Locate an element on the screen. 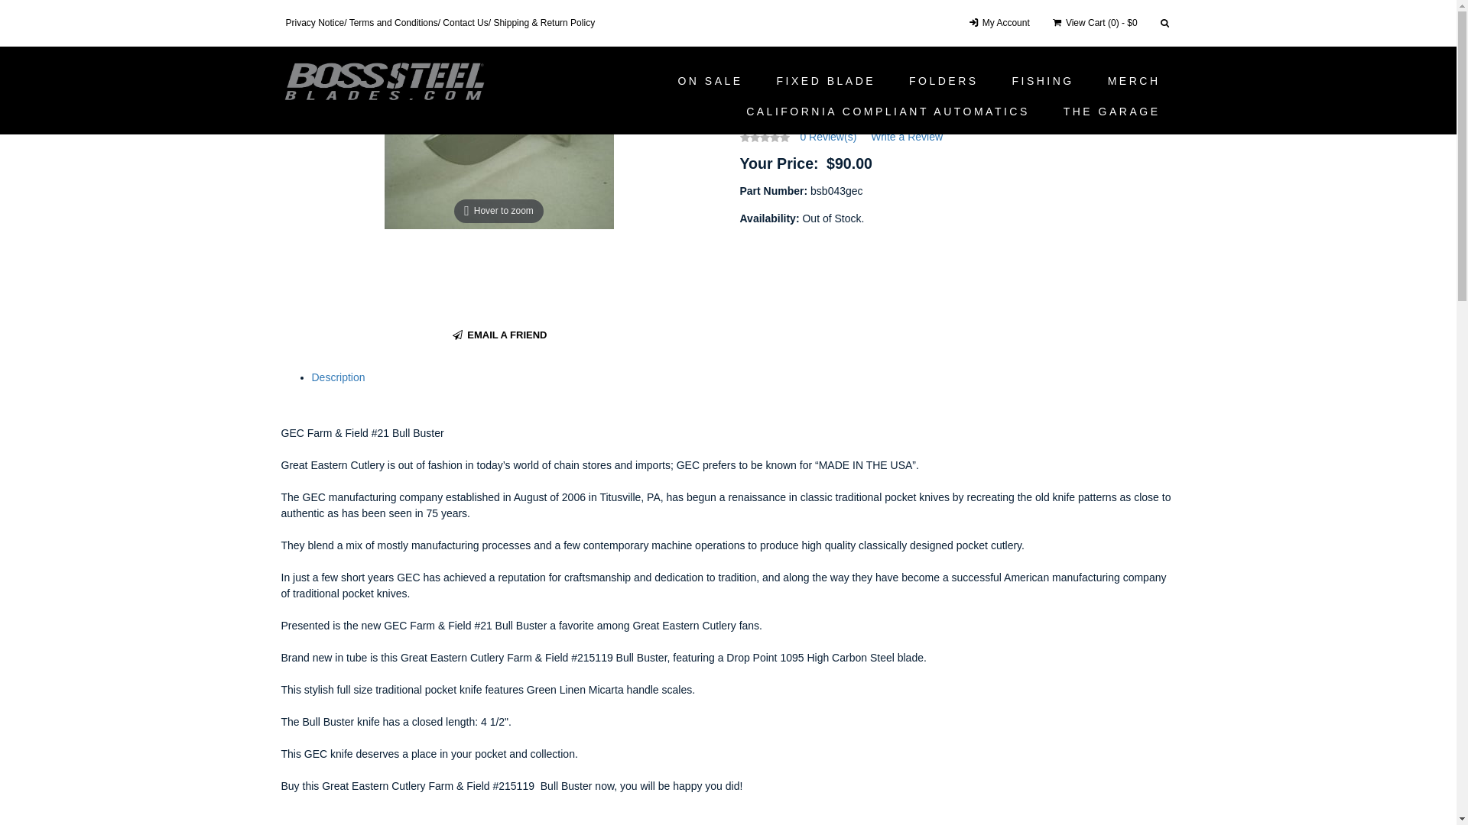  'THE GARAGE' is located at coordinates (1112, 111).